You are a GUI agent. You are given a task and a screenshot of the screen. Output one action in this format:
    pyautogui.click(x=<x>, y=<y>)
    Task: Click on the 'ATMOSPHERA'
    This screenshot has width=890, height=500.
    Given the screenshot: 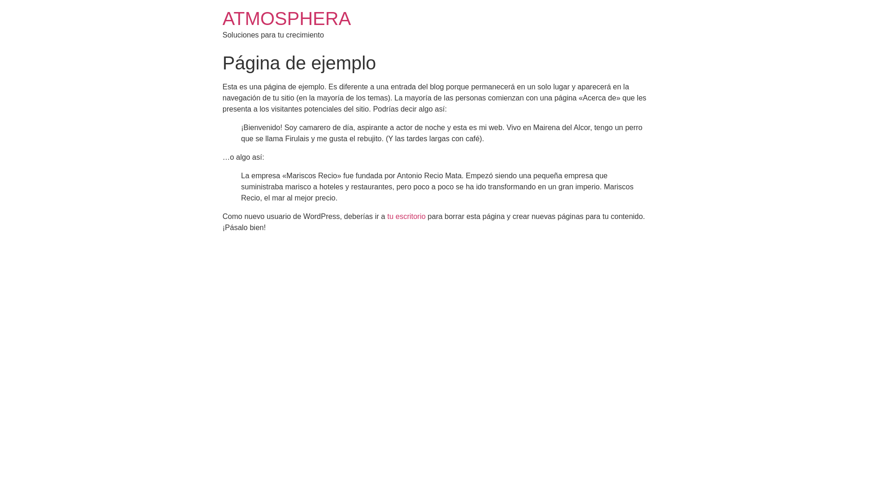 What is the action you would take?
    pyautogui.click(x=286, y=18)
    